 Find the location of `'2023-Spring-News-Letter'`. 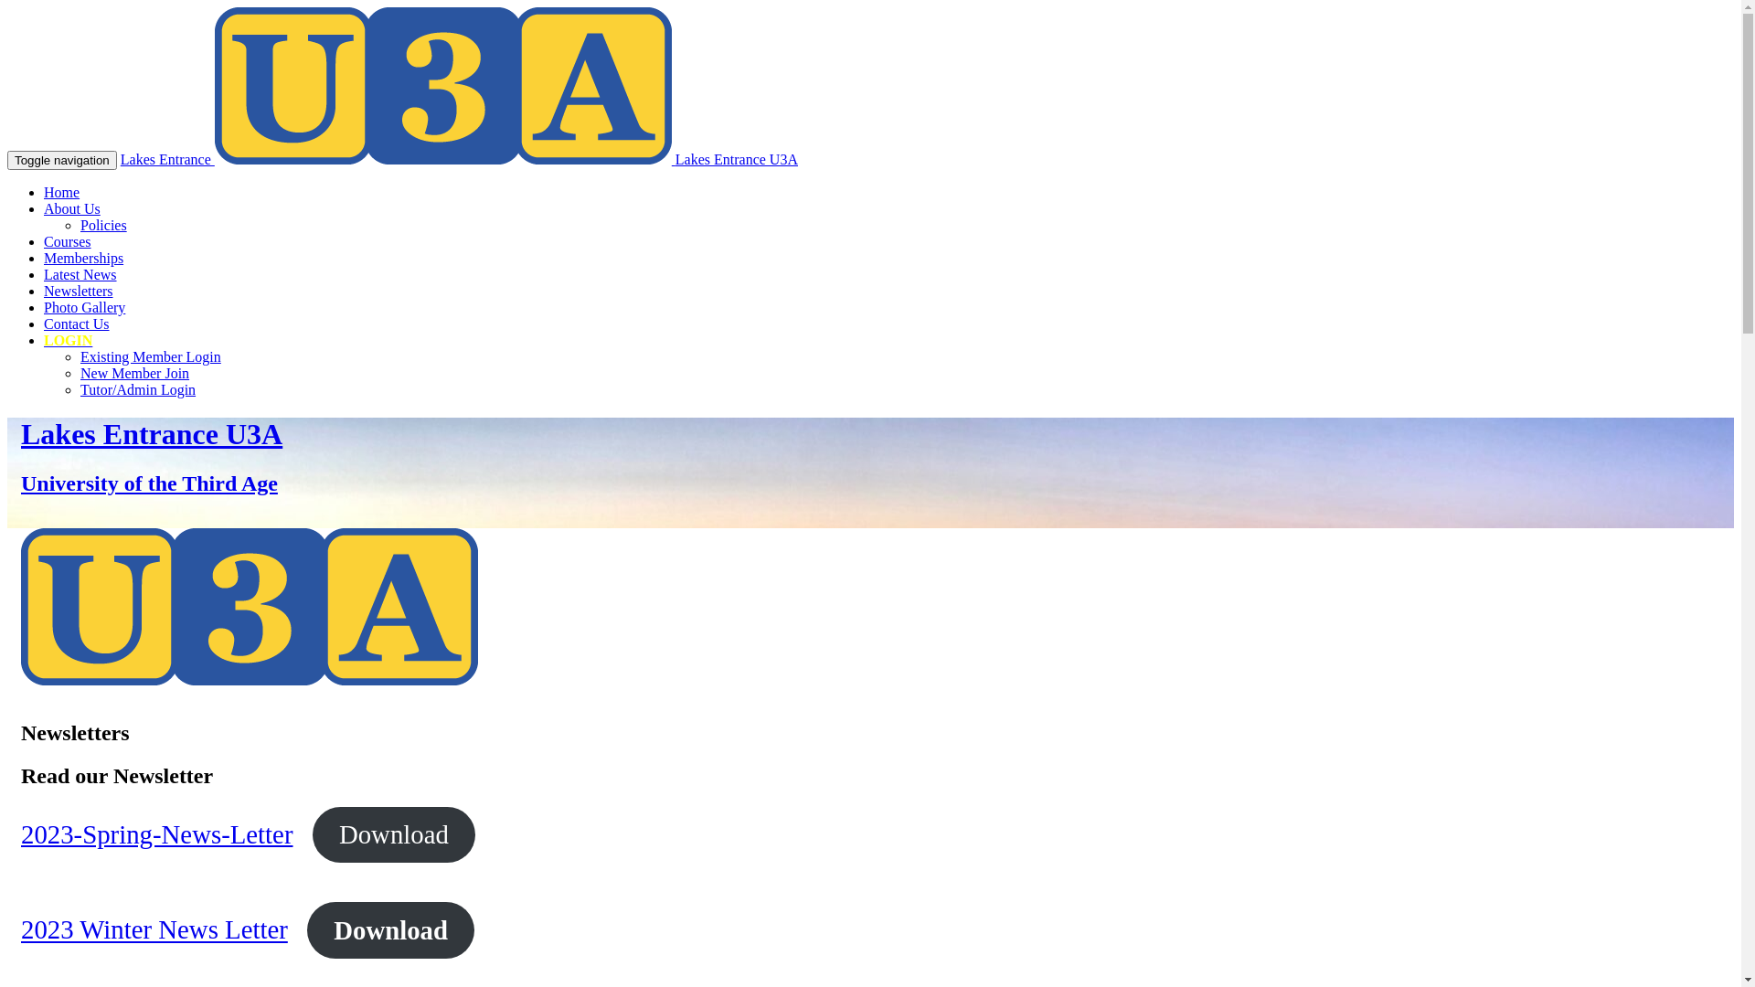

'2023-Spring-News-Letter' is located at coordinates (157, 834).